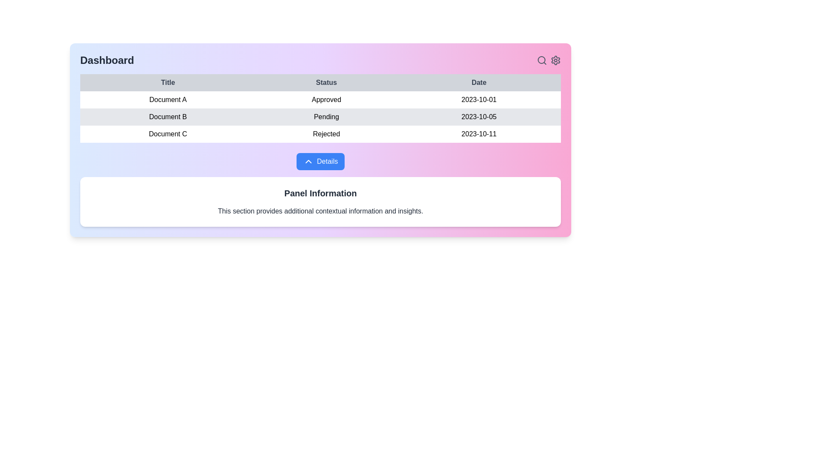  What do you see at coordinates (326, 82) in the screenshot?
I see `the 'Status' column header, which is the second column header in a horizontal table layout, centrally positioned among the headers 'Title', 'Status', and 'Date'` at bounding box center [326, 82].